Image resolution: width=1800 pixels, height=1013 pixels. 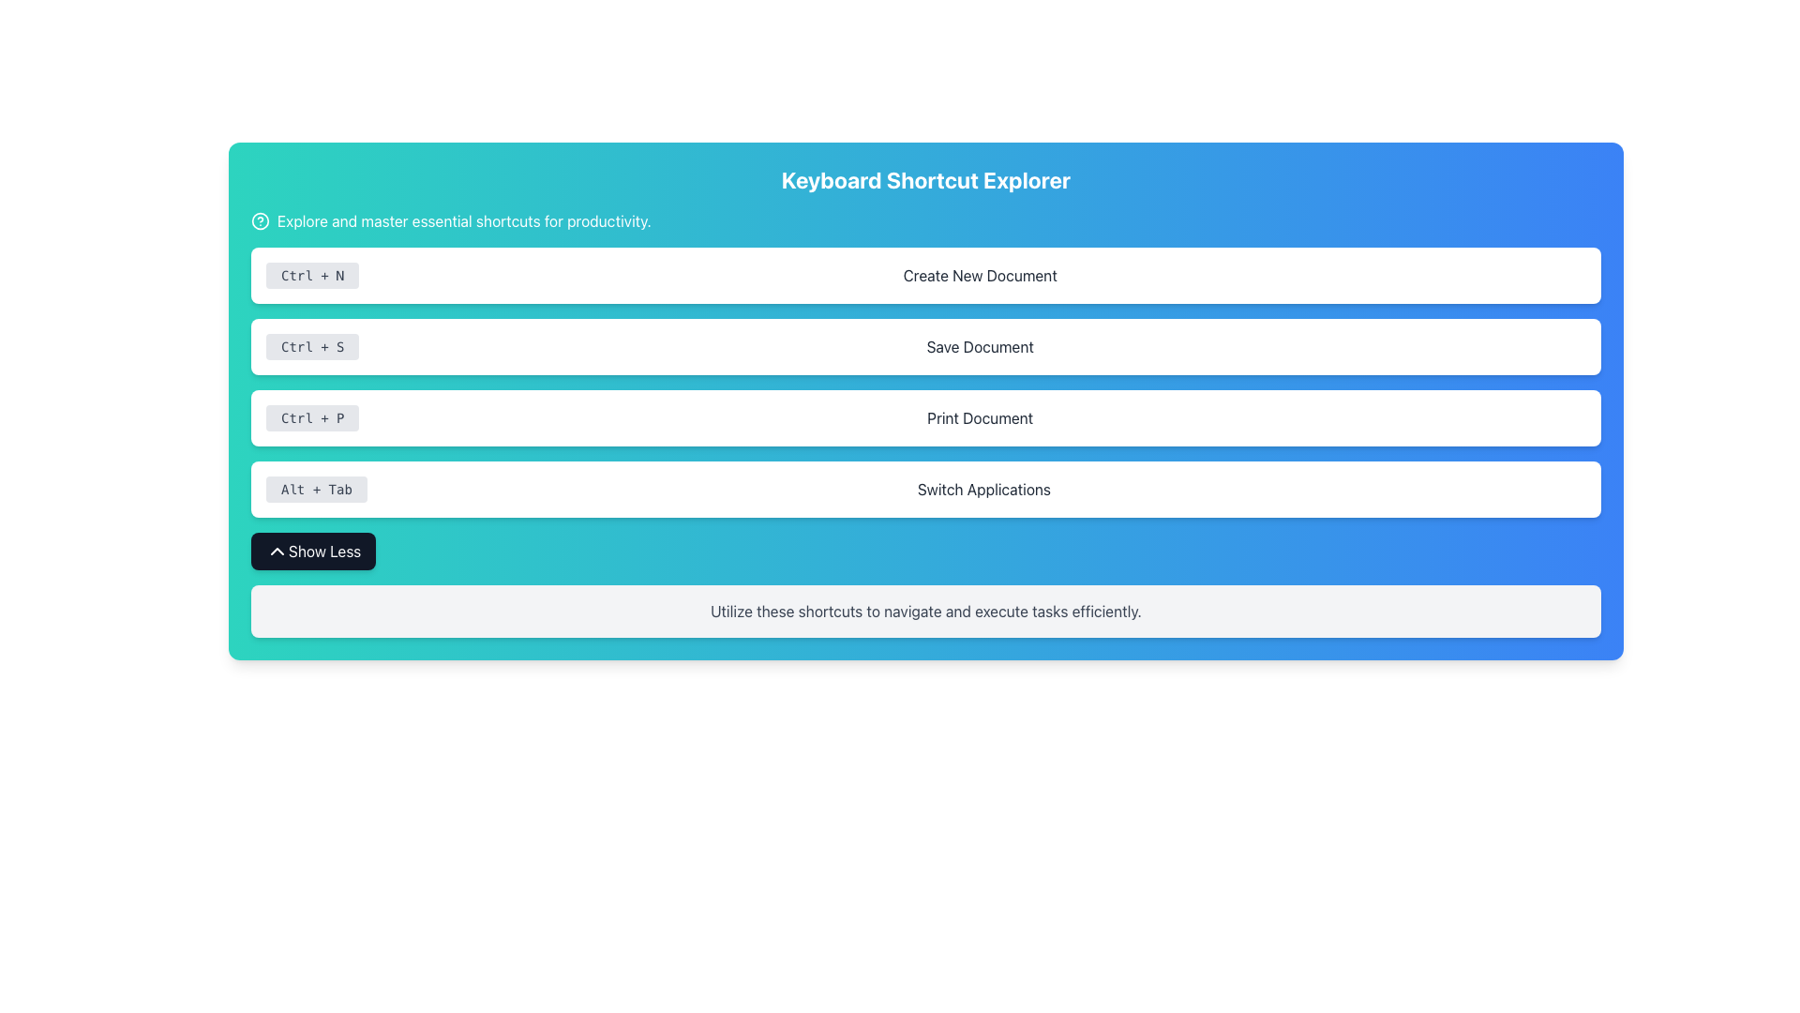 I want to click on the upward chevron icon located in the upper-left corner of the 'Show Less' button, so click(x=277, y=550).